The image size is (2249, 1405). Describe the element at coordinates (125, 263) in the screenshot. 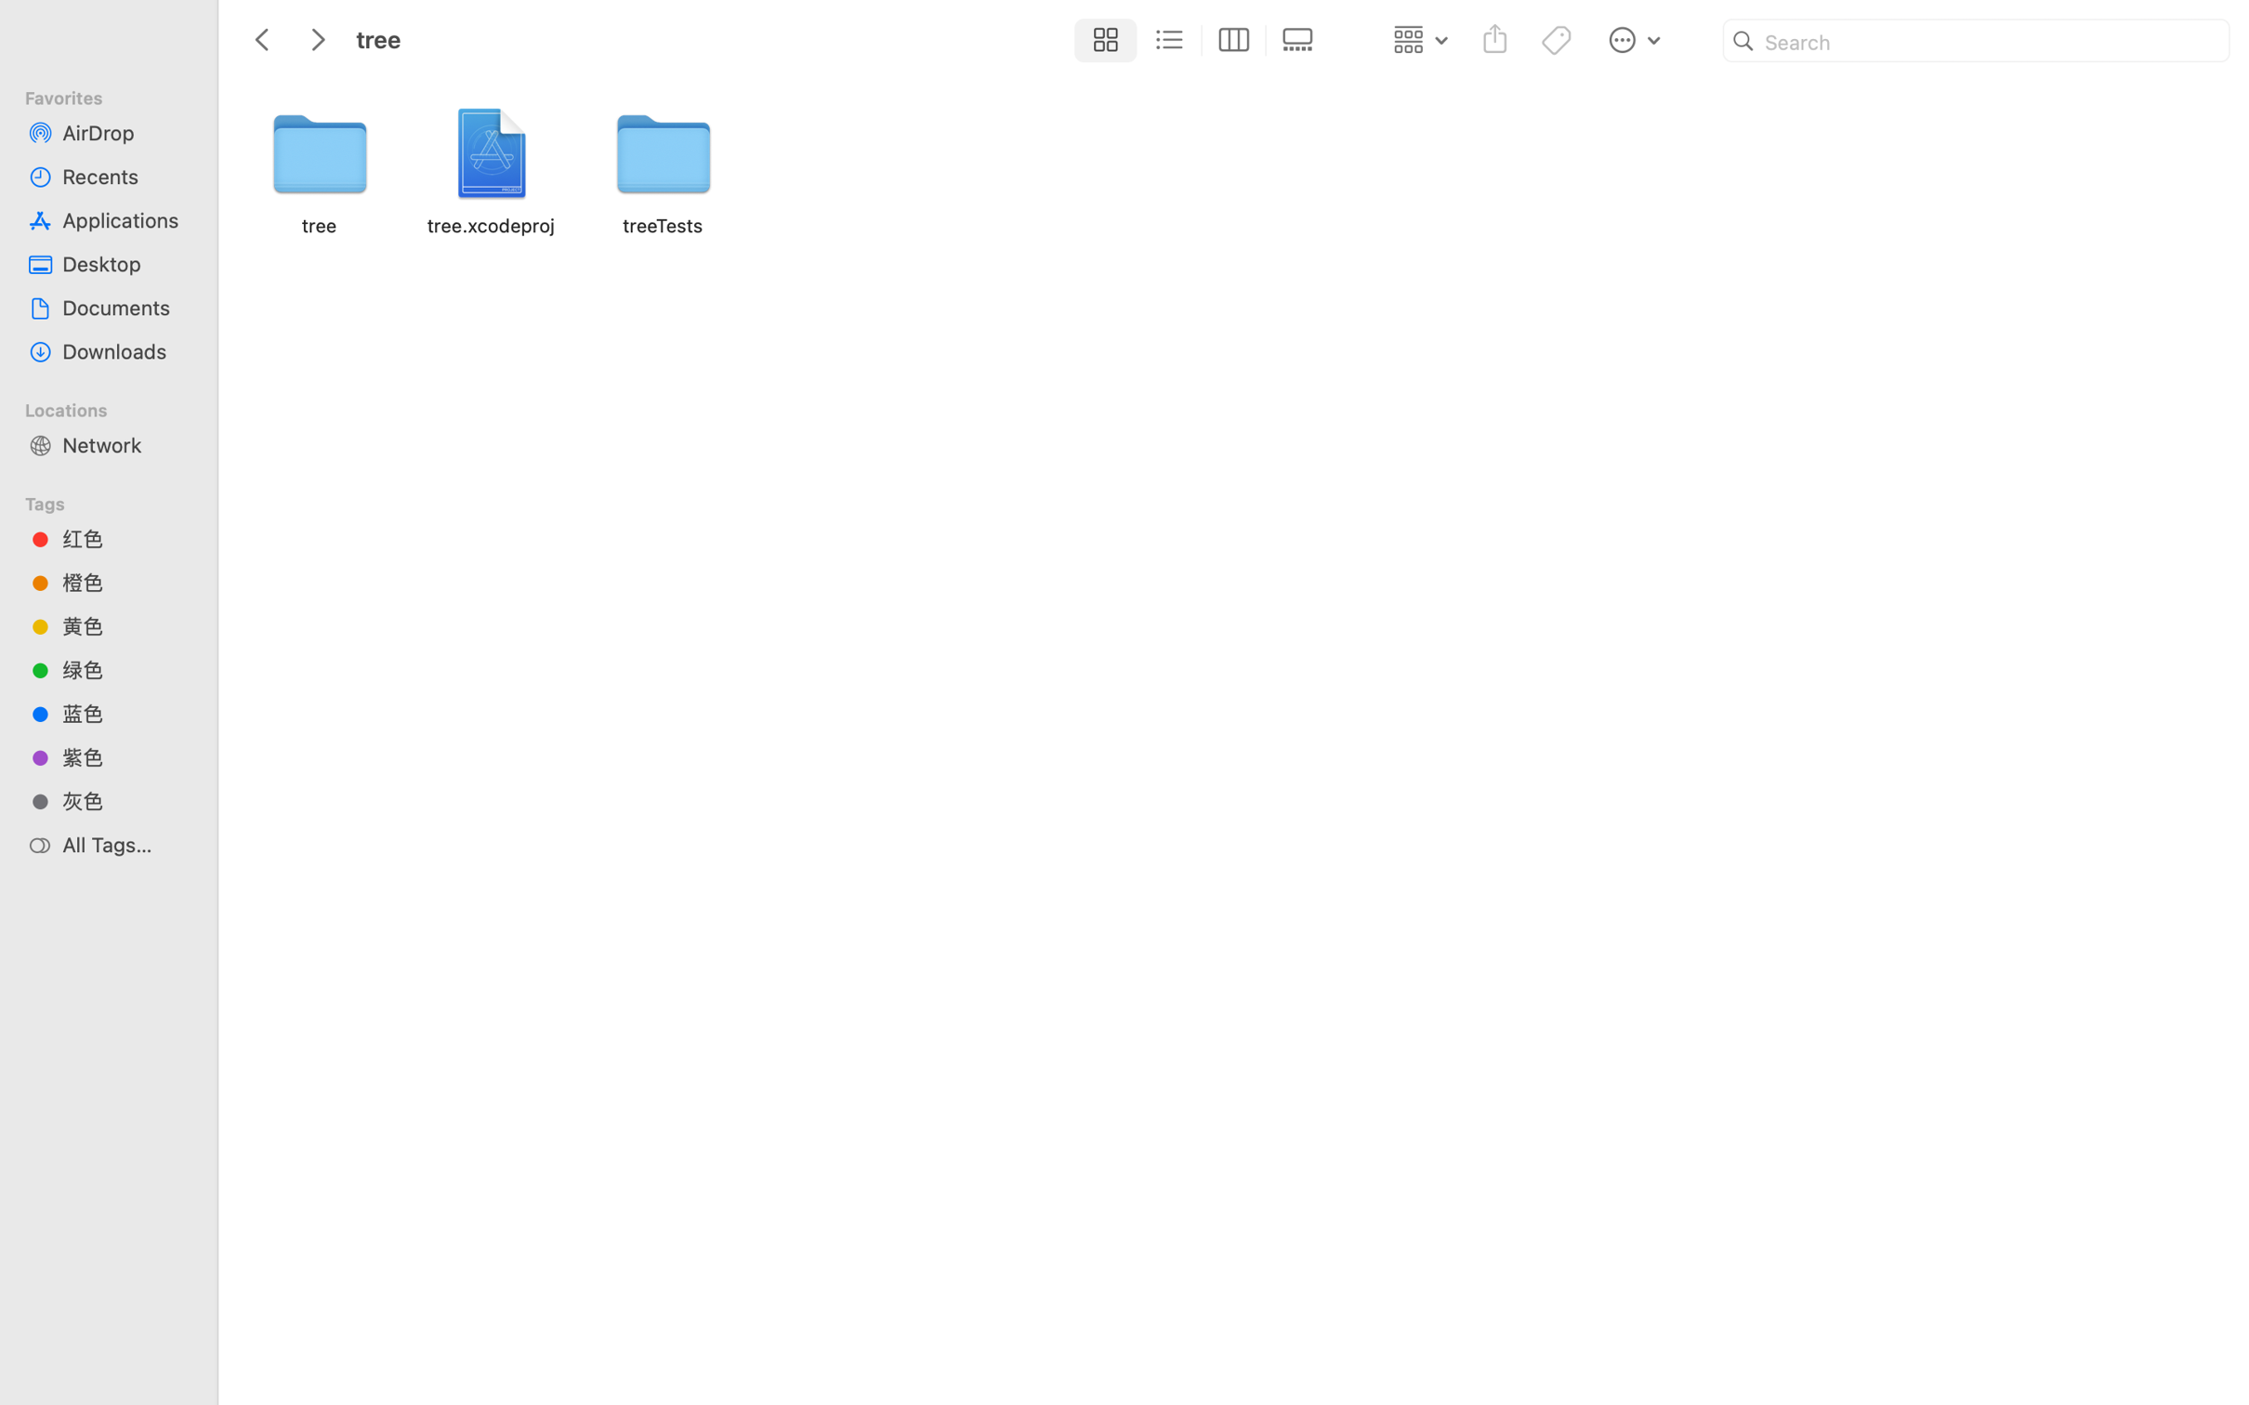

I see `'Desktop'` at that location.